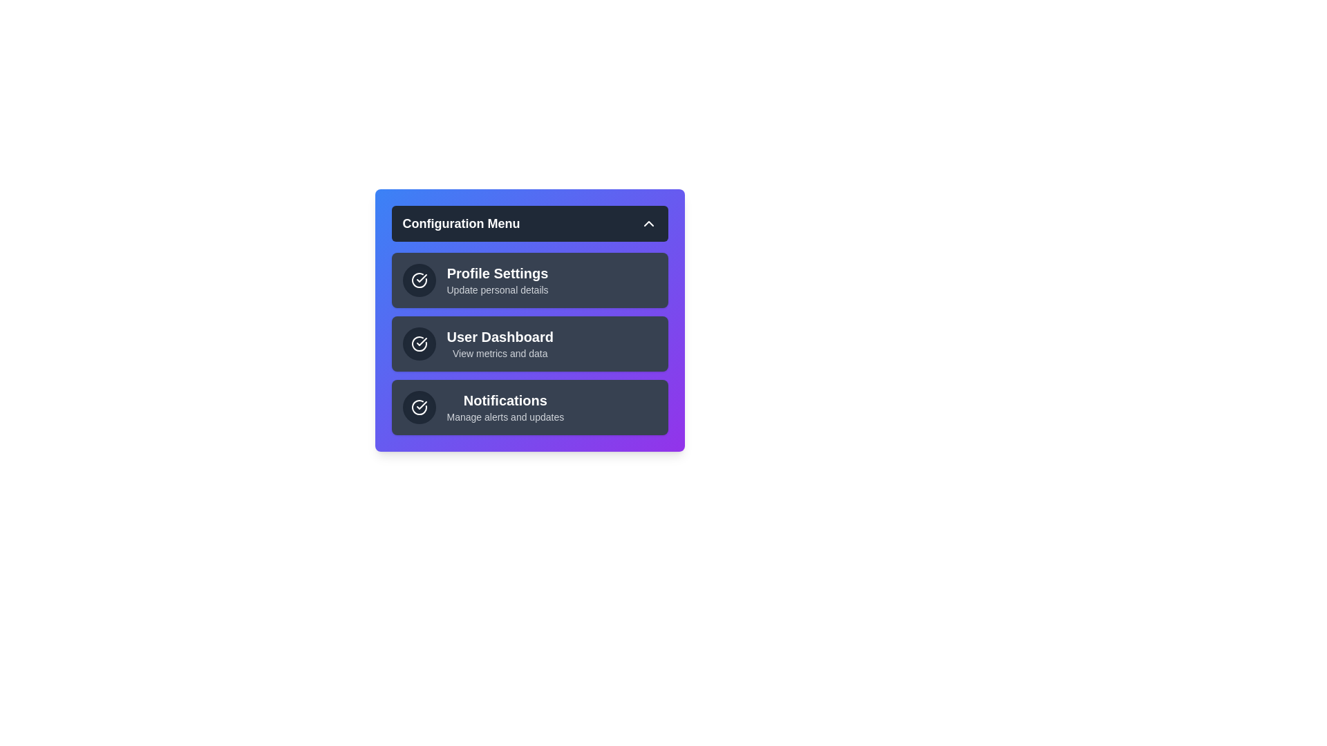 This screenshot has width=1327, height=746. Describe the element at coordinates (529, 280) in the screenshot. I see `the menu item to read its description` at that location.